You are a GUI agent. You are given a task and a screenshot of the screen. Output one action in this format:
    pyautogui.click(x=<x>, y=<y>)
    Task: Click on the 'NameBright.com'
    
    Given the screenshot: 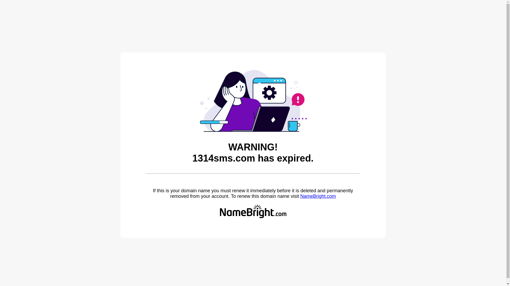 What is the action you would take?
    pyautogui.click(x=318, y=196)
    